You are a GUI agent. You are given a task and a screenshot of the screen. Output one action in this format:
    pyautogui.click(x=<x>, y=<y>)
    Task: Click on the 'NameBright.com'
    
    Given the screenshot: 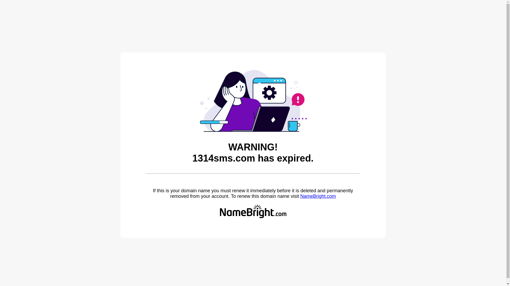 What is the action you would take?
    pyautogui.click(x=318, y=196)
    